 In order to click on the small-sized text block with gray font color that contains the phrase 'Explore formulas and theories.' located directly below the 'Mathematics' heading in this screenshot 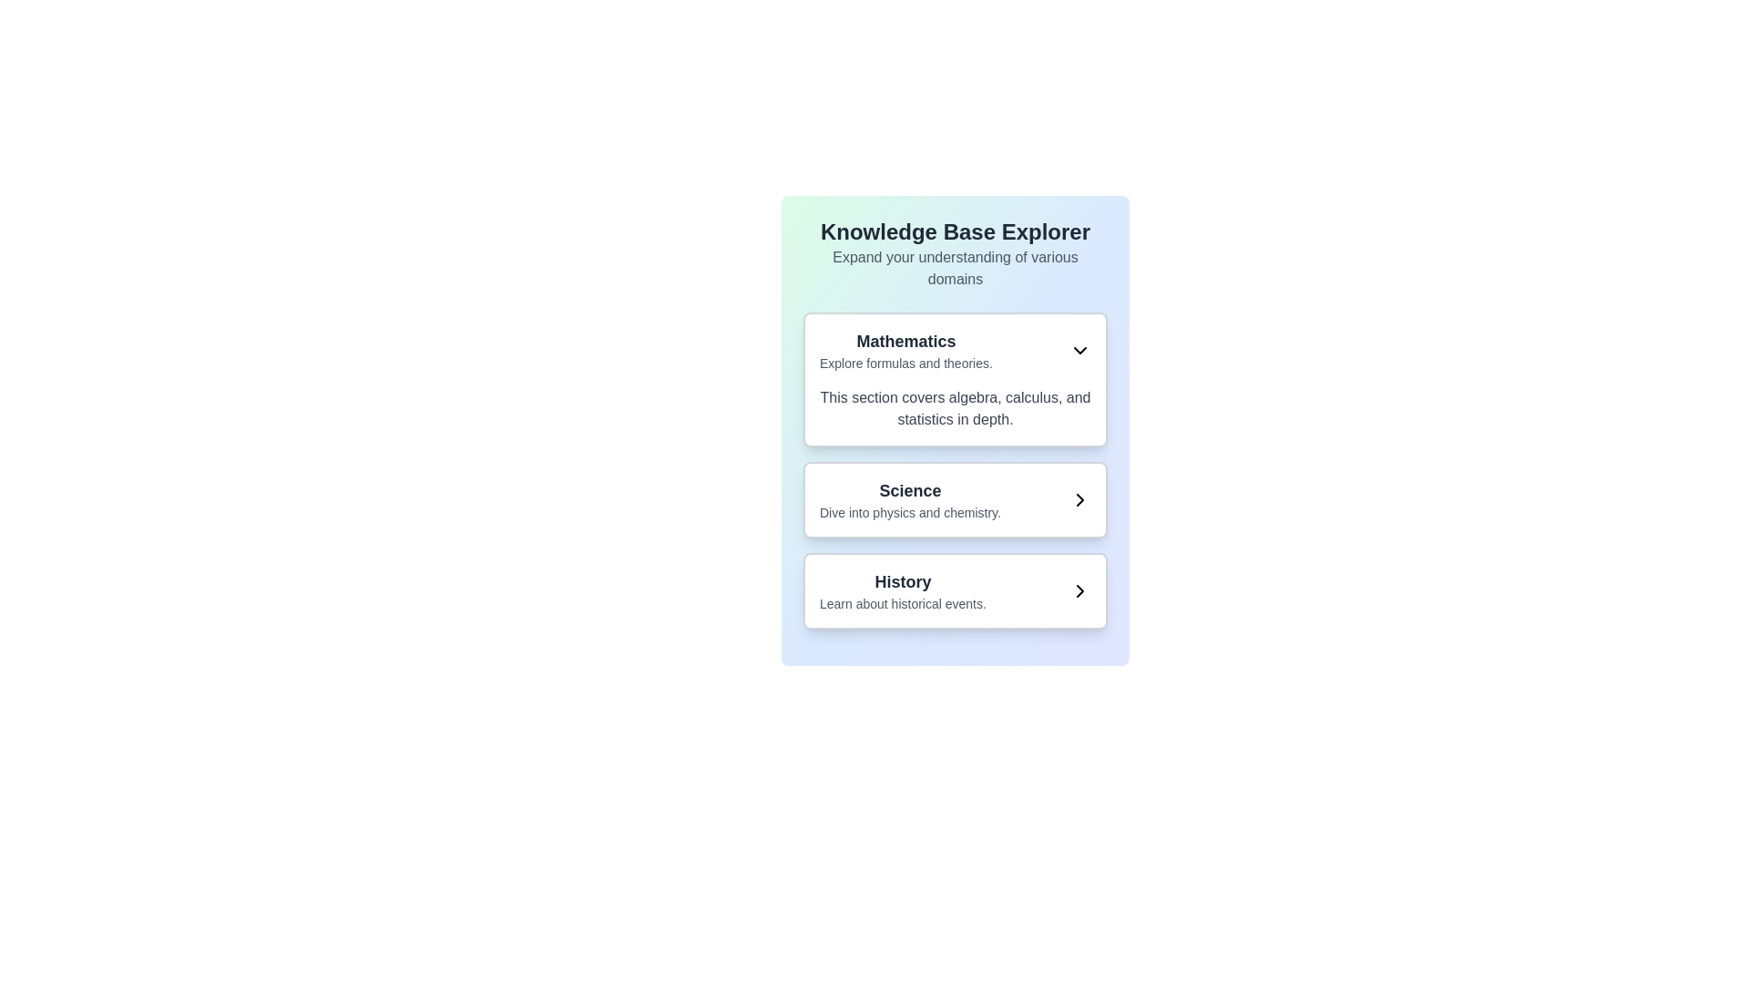, I will do `click(905, 363)`.